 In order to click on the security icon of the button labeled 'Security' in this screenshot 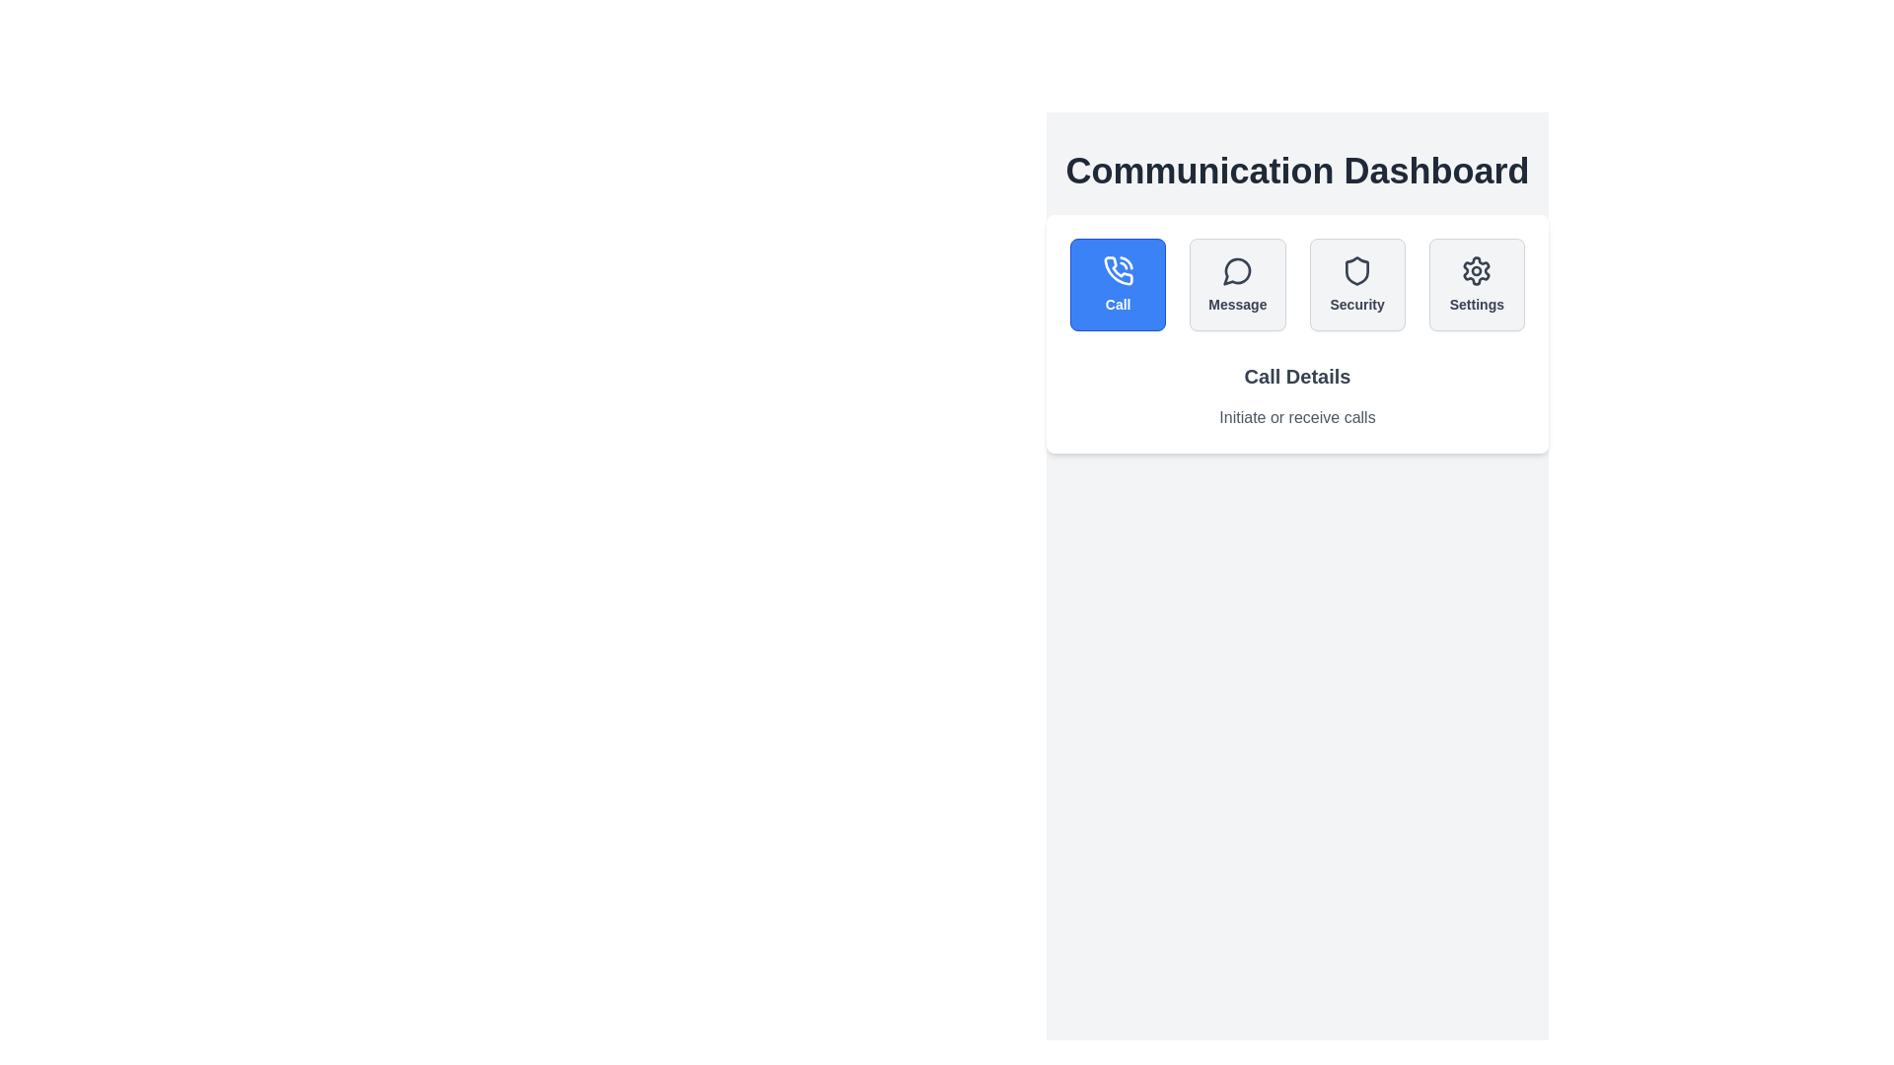, I will do `click(1356, 270)`.